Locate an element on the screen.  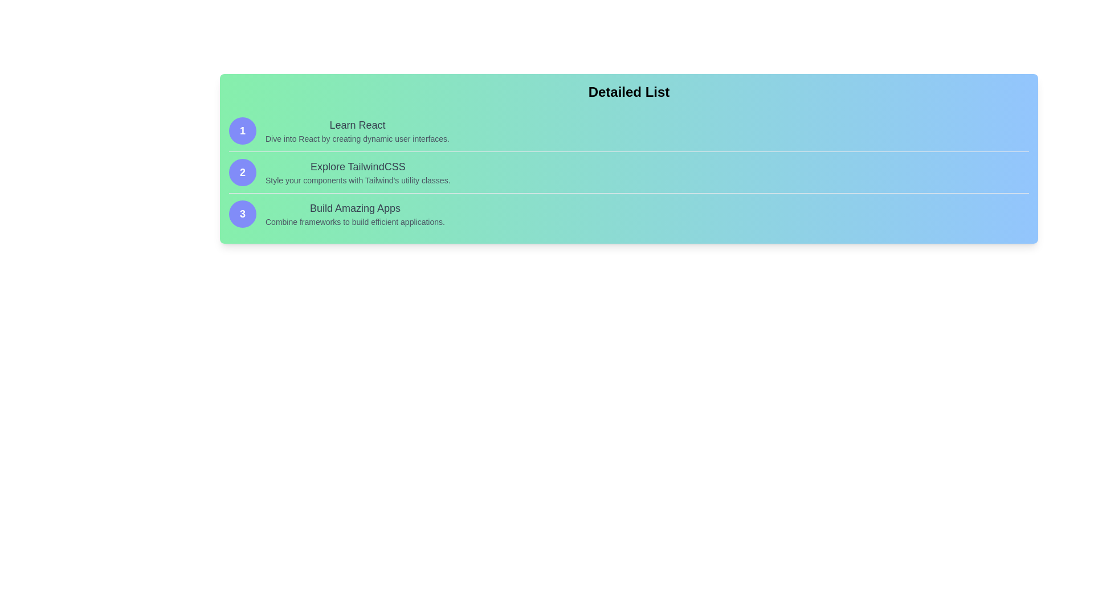
the text block that contains the header 'Learn React' and the description 'Dive into React by creating dynamic user interfaces.' which is positioned under the 'Detailed List' heading is located at coordinates (357, 130).